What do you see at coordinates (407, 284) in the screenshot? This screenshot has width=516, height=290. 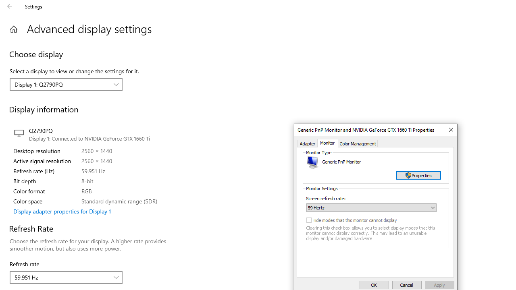 I see `'Cancel'` at bounding box center [407, 284].